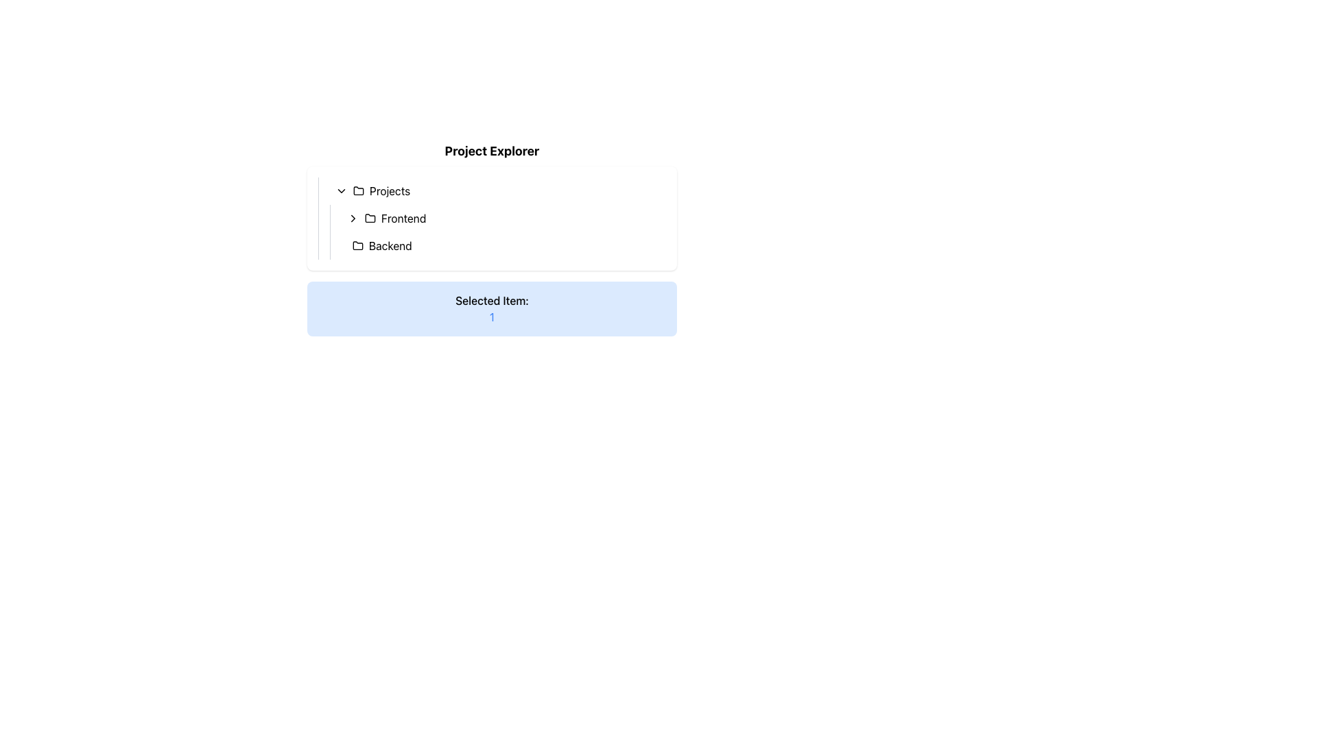 The width and height of the screenshot is (1317, 740). Describe the element at coordinates (353, 218) in the screenshot. I see `the Chevron or expansion toggle icon` at that location.